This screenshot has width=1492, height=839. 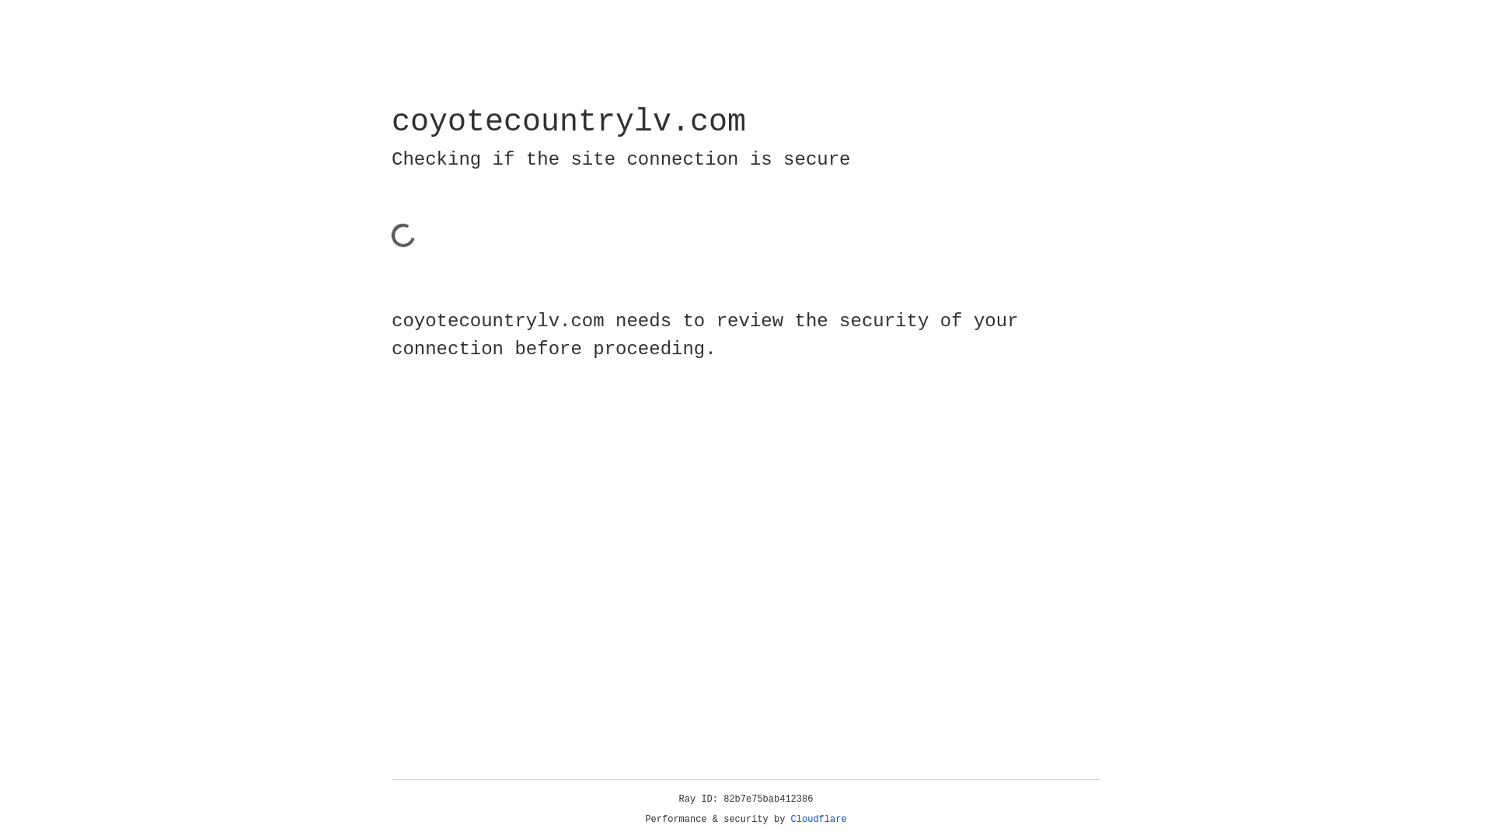 I want to click on 'Cloudflare', so click(x=818, y=819).